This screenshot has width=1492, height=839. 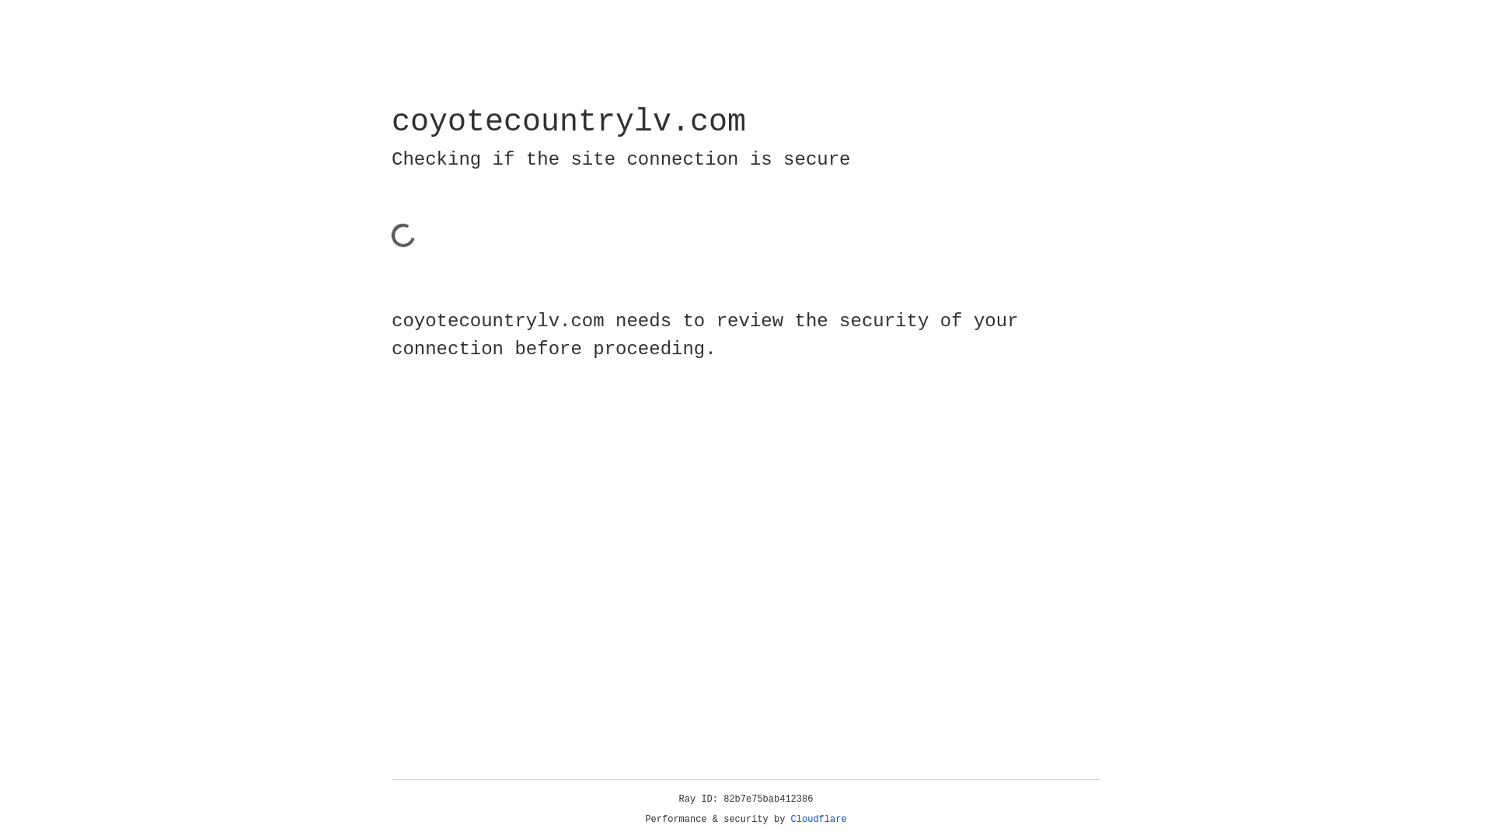 I want to click on 'Cloudflare', so click(x=818, y=819).